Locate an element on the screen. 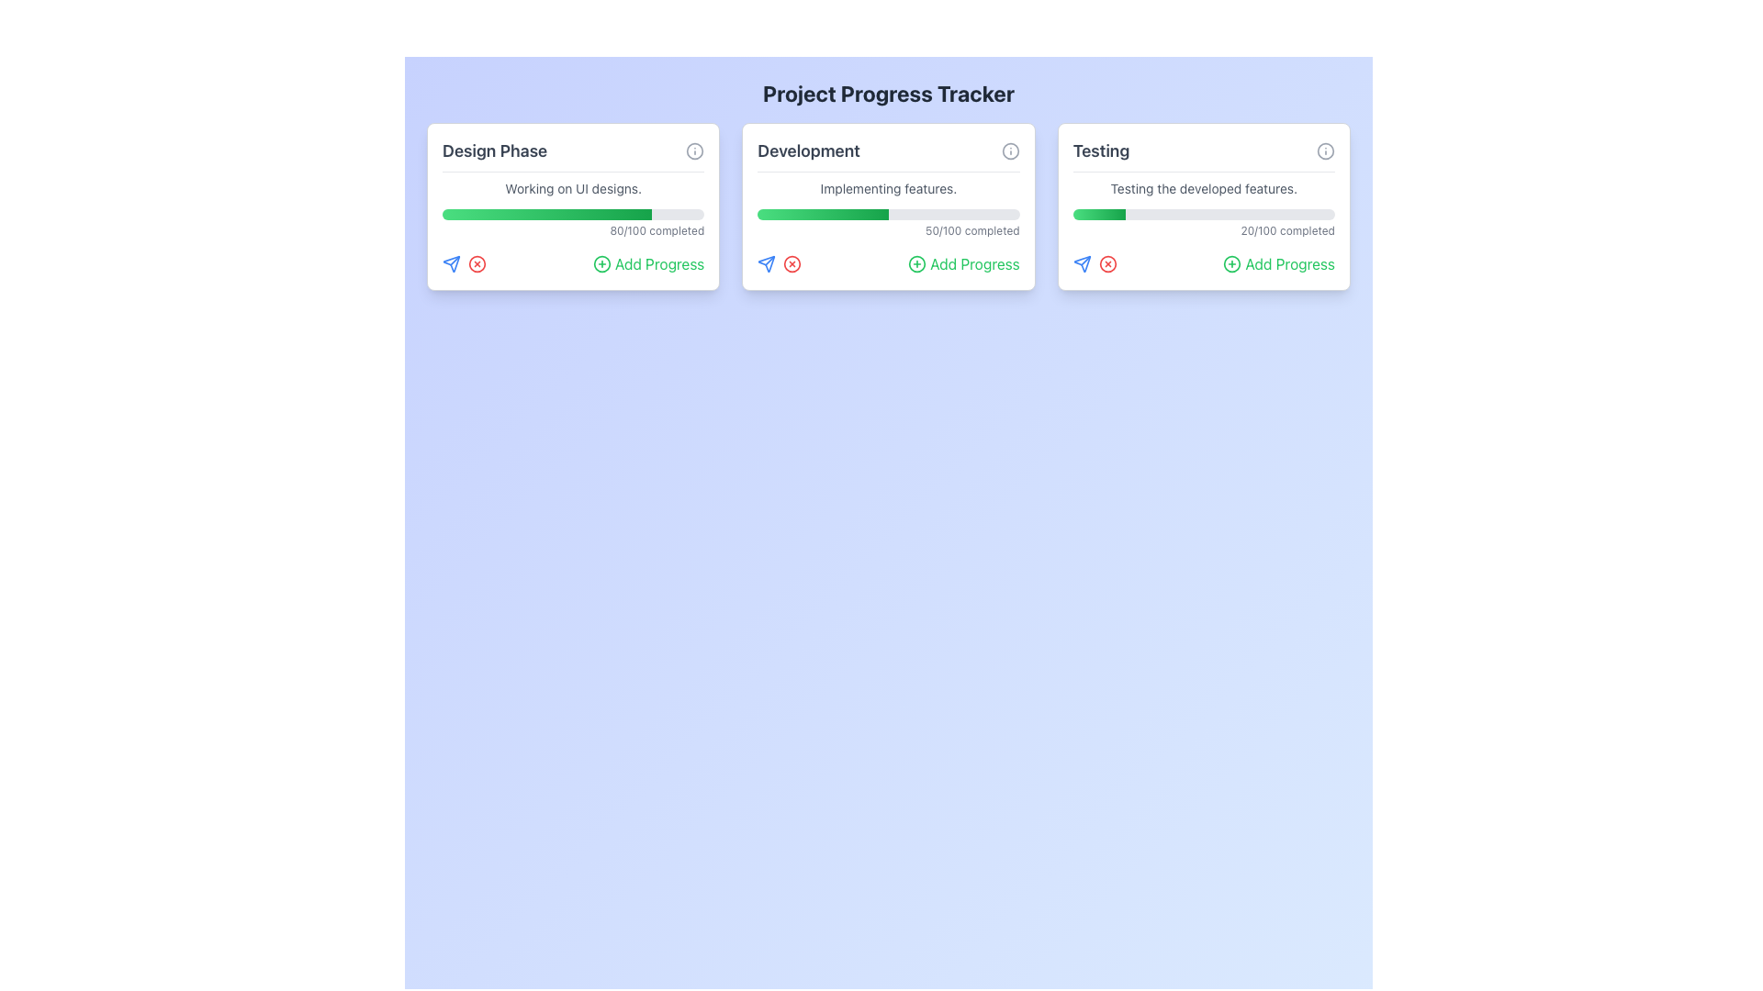 The height and width of the screenshot is (991, 1763). the progress value is located at coordinates (1091, 214).